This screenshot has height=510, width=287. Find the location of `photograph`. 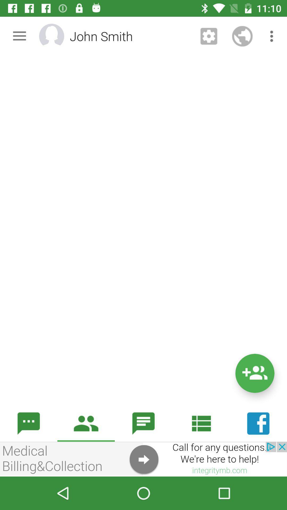

photograph is located at coordinates (58, 36).